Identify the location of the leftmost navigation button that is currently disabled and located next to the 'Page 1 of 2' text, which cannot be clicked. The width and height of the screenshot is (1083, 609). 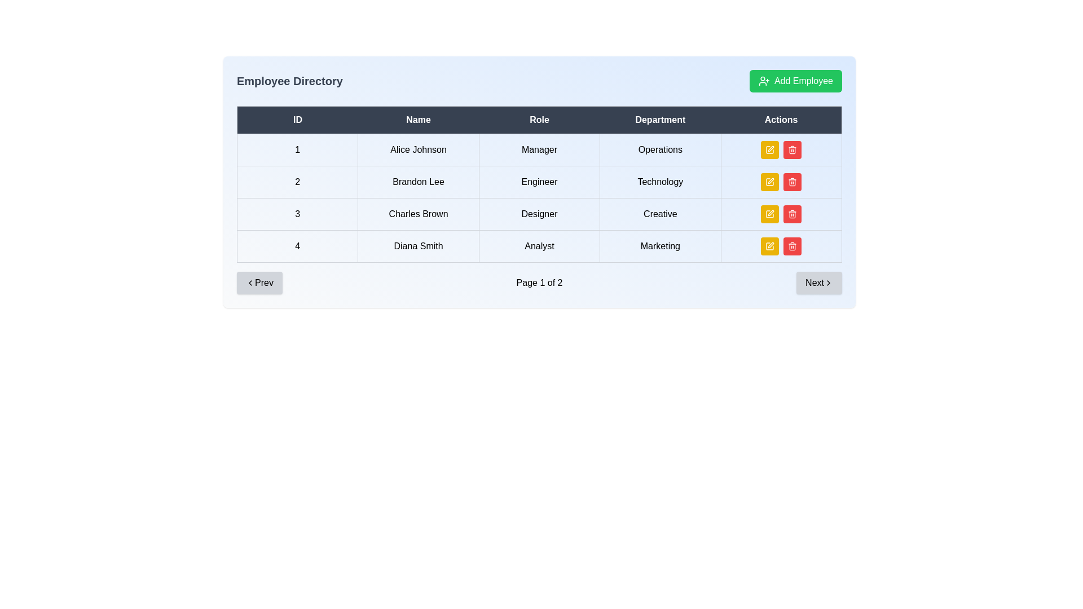
(259, 282).